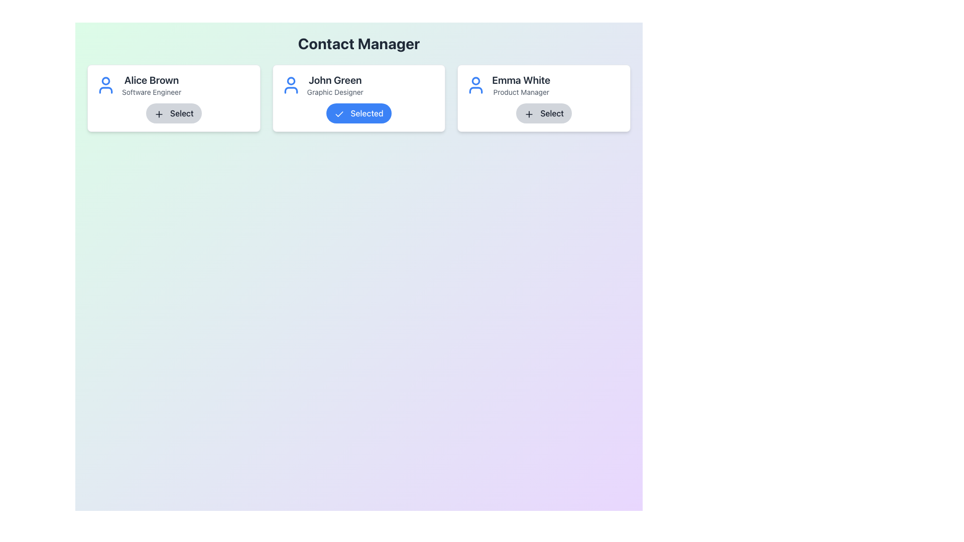 This screenshot has width=964, height=542. Describe the element at coordinates (521, 84) in the screenshot. I see `the textual display showing 'Emma White' and 'Product Manager' located in the top-right section of the interface` at that location.